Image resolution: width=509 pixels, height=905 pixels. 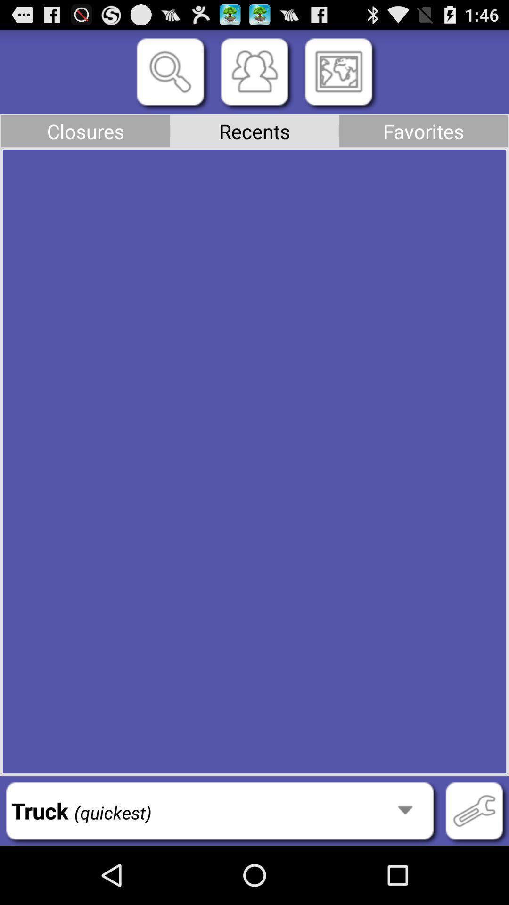 I want to click on the search icon, so click(x=170, y=77).